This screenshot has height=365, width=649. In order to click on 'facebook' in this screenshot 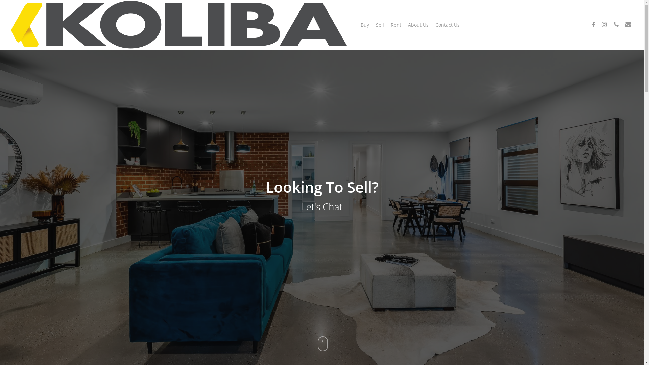, I will do `click(588, 24)`.